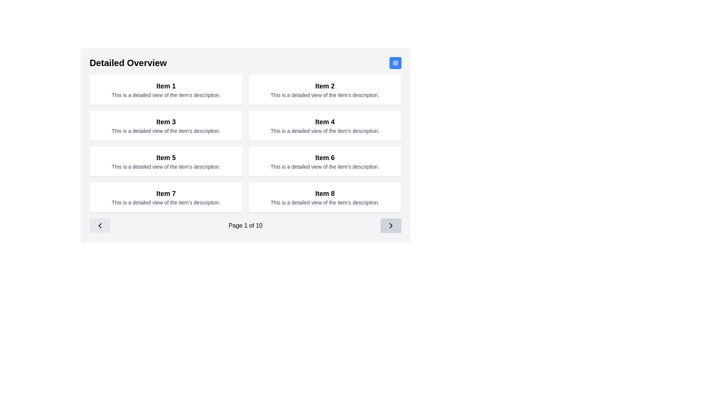  Describe the element at coordinates (325, 86) in the screenshot. I see `text content of the bold text label 'Item 2' located at the upper region of the card in the second column of the top row` at that location.